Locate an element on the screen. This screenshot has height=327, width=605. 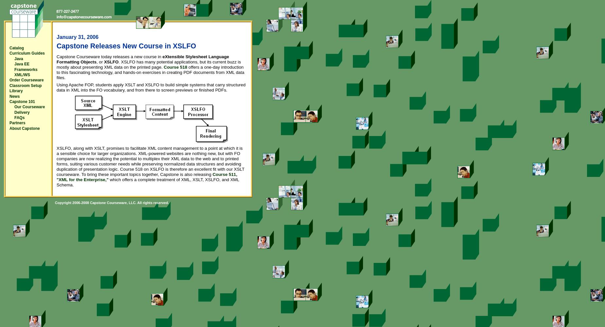
'Using Apache FOP, students apply XSLT and XSLFO to build simple systems that carry structured data in XML into the FO vocabulary, and from there to screen previews or finished PDFs.' is located at coordinates (150, 87).